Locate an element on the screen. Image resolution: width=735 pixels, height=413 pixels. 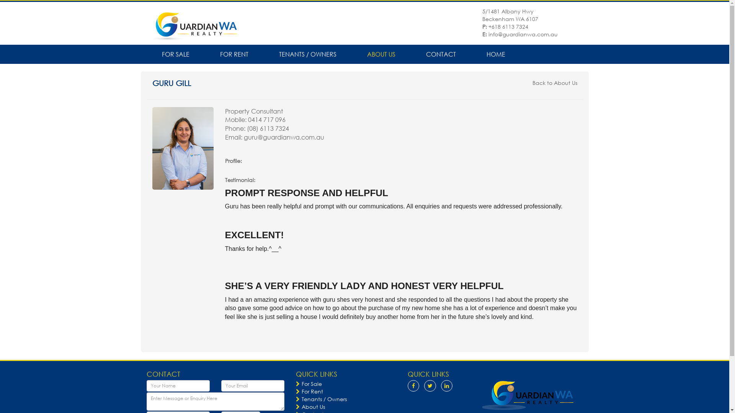
'FOR RENT' is located at coordinates (204, 54).